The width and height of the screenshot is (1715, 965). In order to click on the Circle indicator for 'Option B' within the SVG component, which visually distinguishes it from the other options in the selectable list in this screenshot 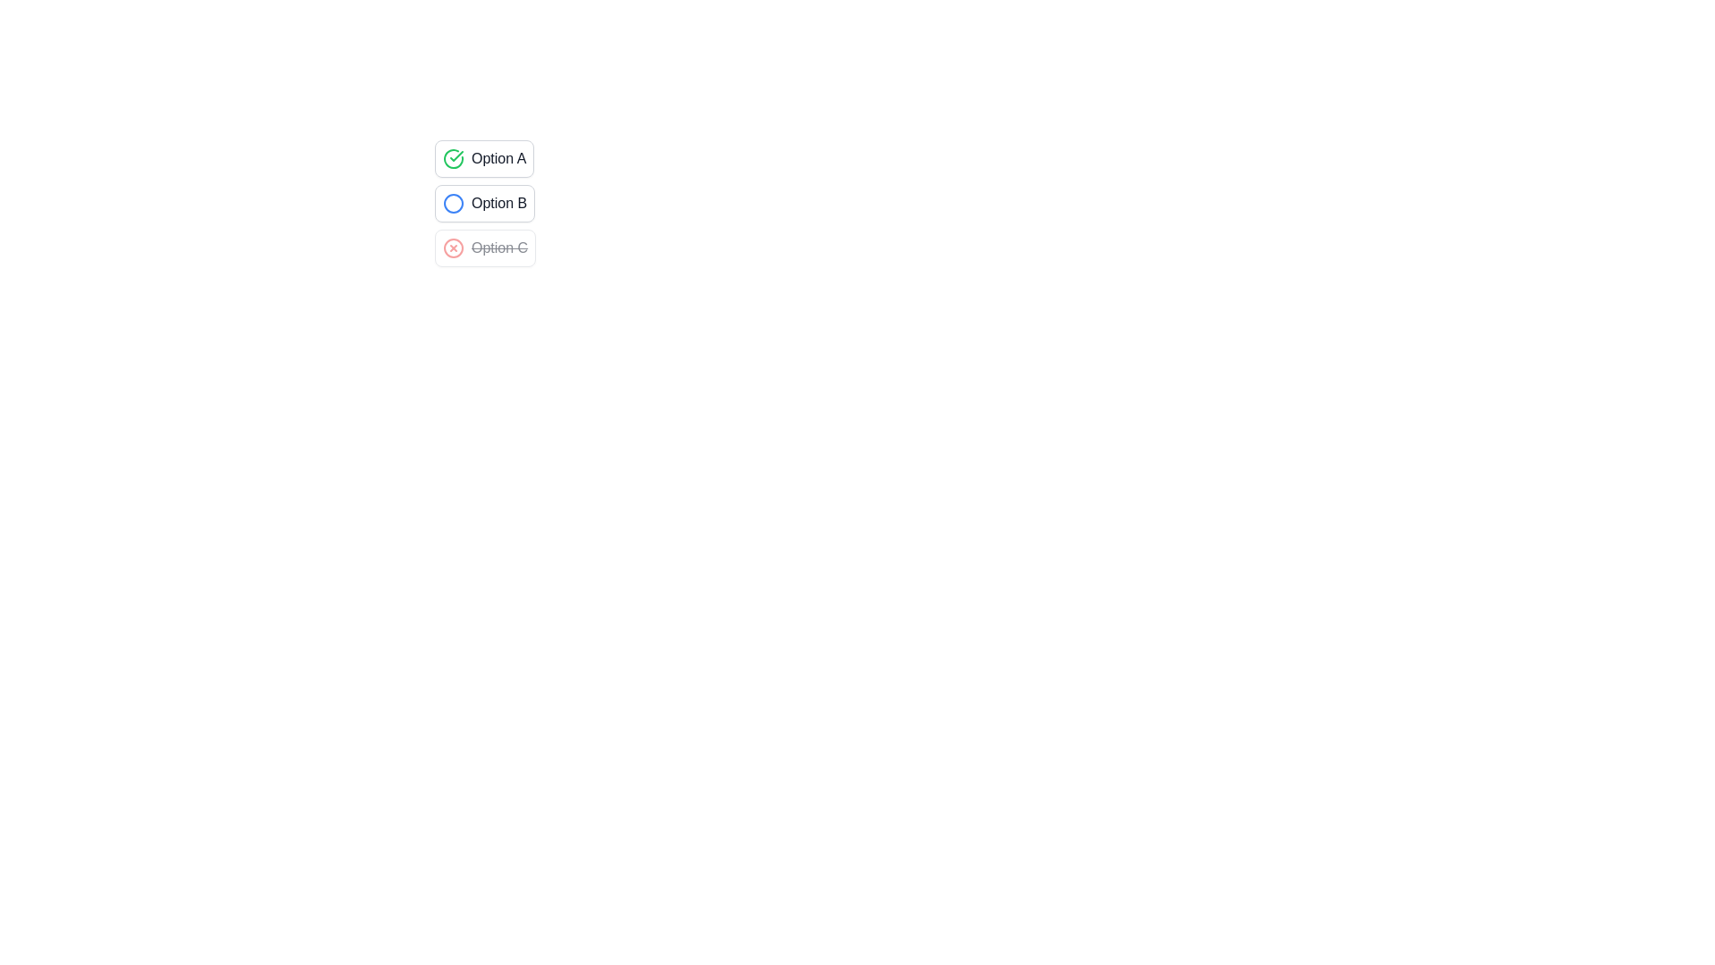, I will do `click(454, 202)`.